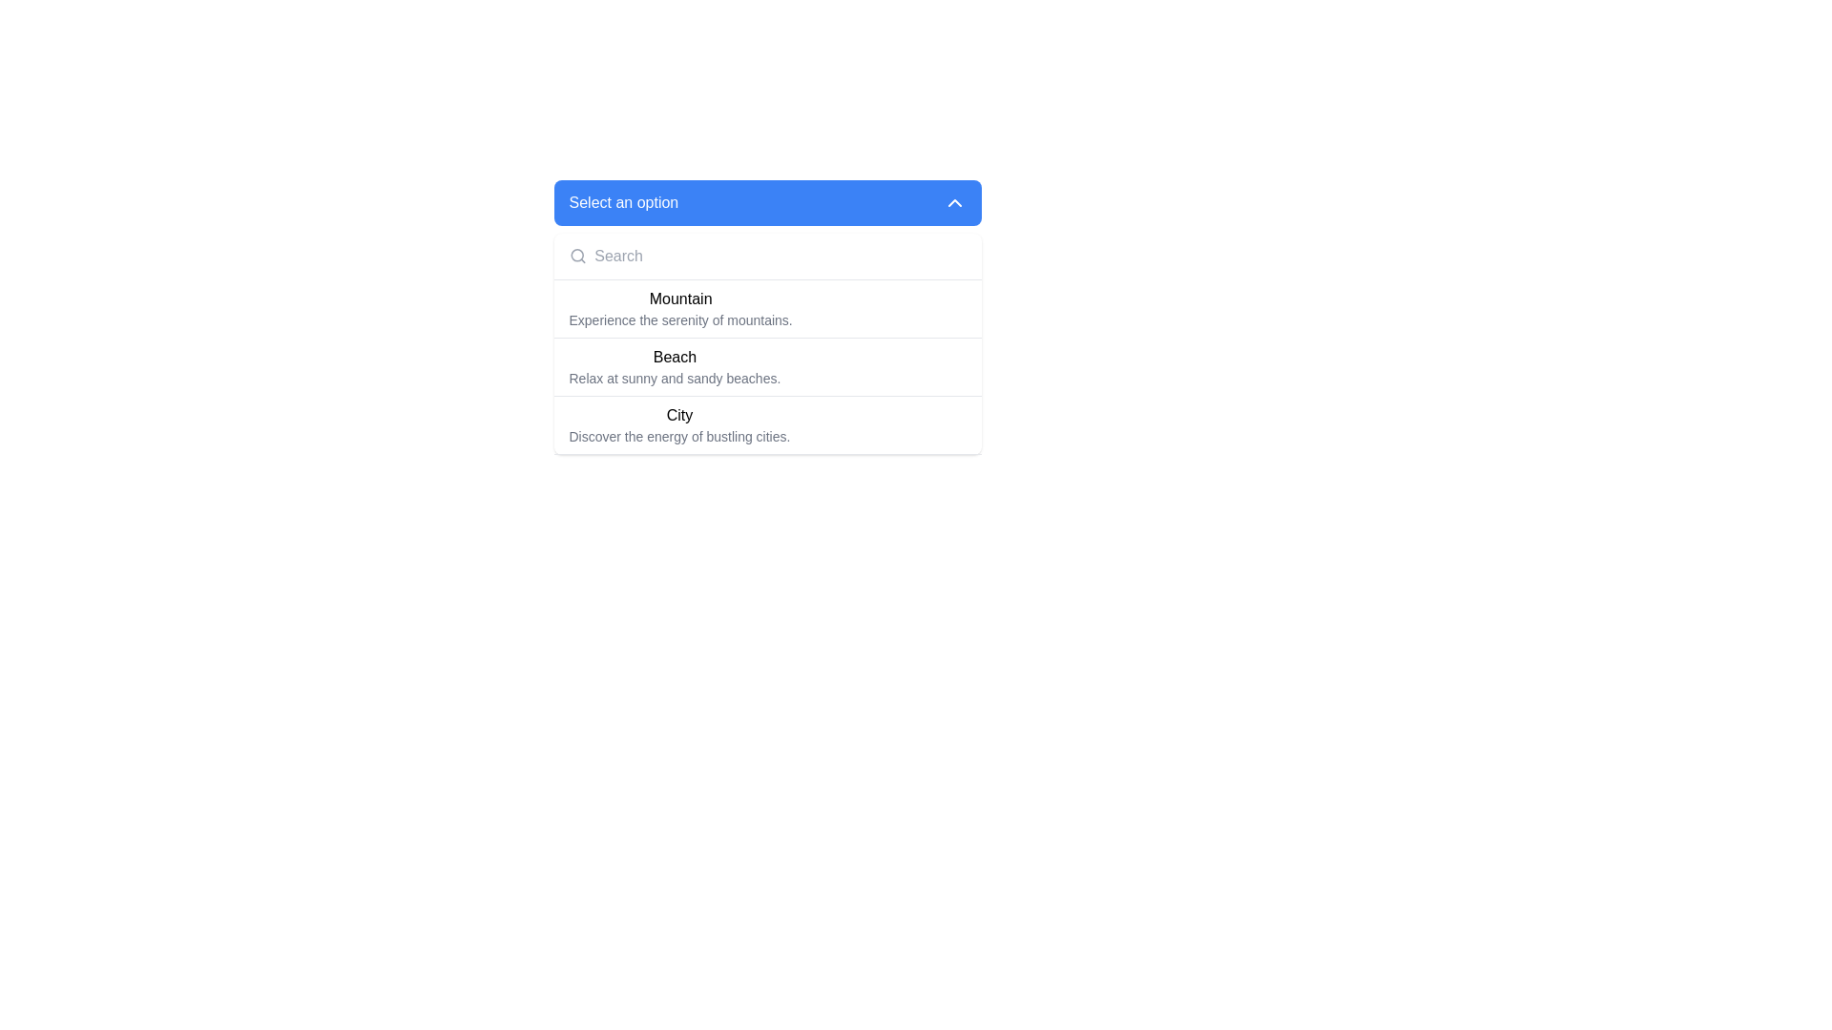  I want to click on the selectable list item labeled 'Beach', so click(767, 367).